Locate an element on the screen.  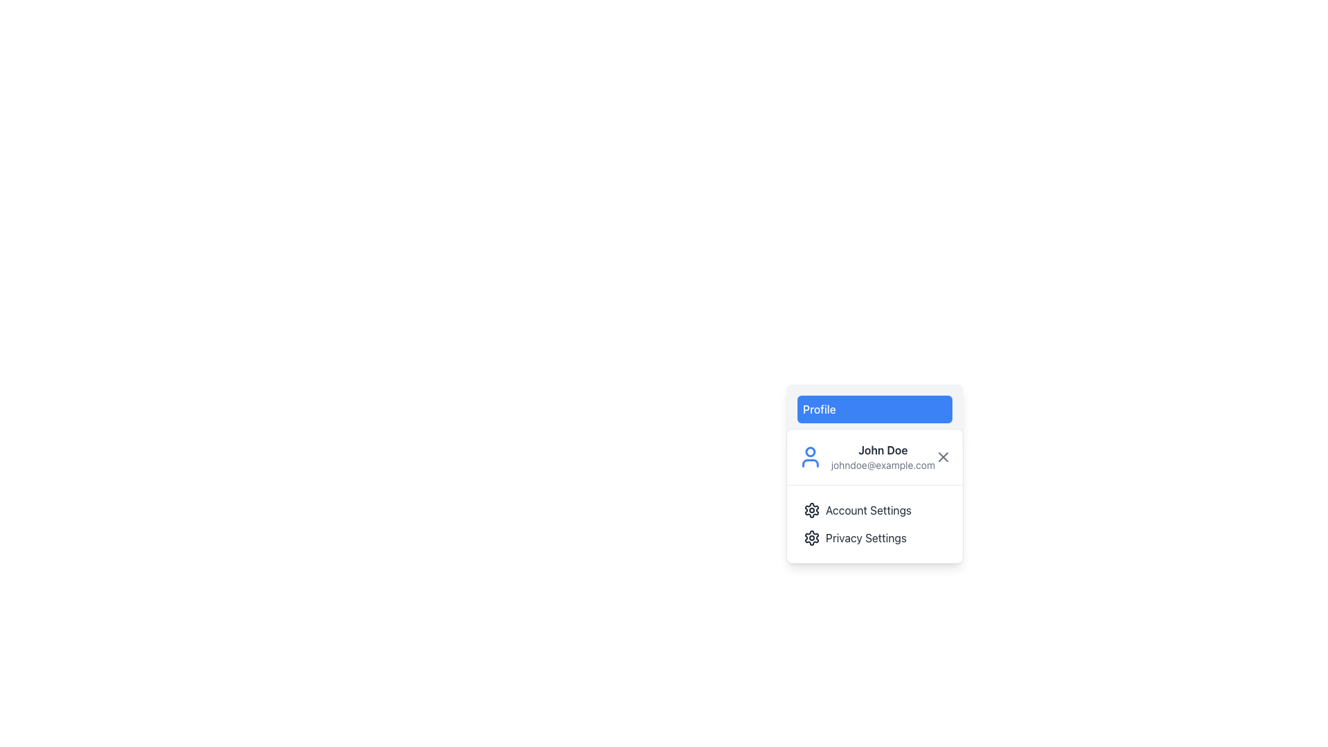
the dropdown panel below the 'Profile' button is located at coordinates (874, 495).